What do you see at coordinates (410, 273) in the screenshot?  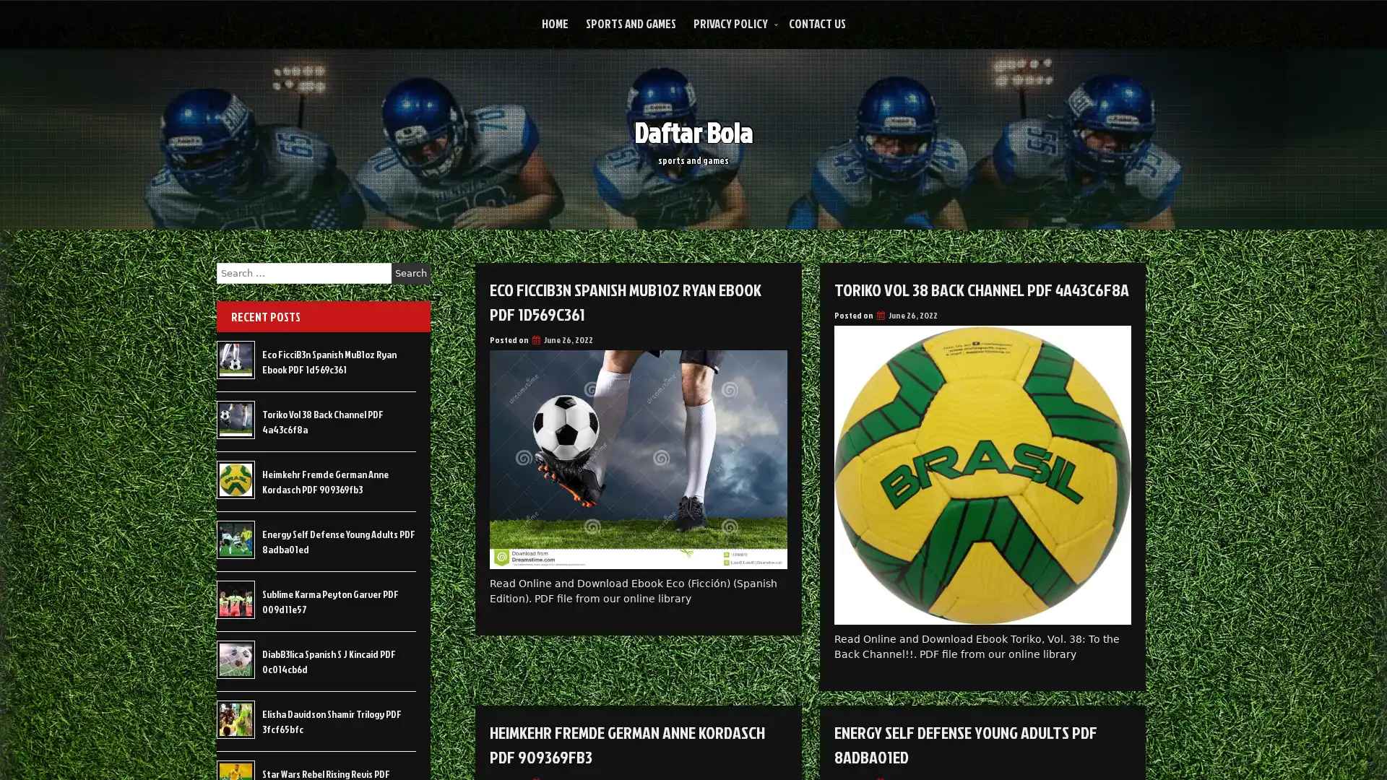 I see `Search` at bounding box center [410, 273].